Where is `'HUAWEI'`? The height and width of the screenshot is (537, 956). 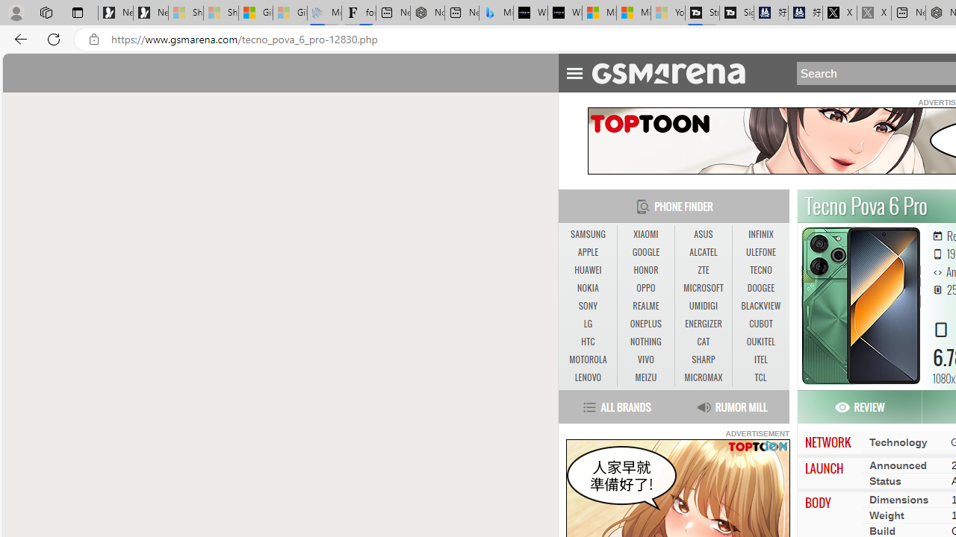 'HUAWEI' is located at coordinates (587, 270).